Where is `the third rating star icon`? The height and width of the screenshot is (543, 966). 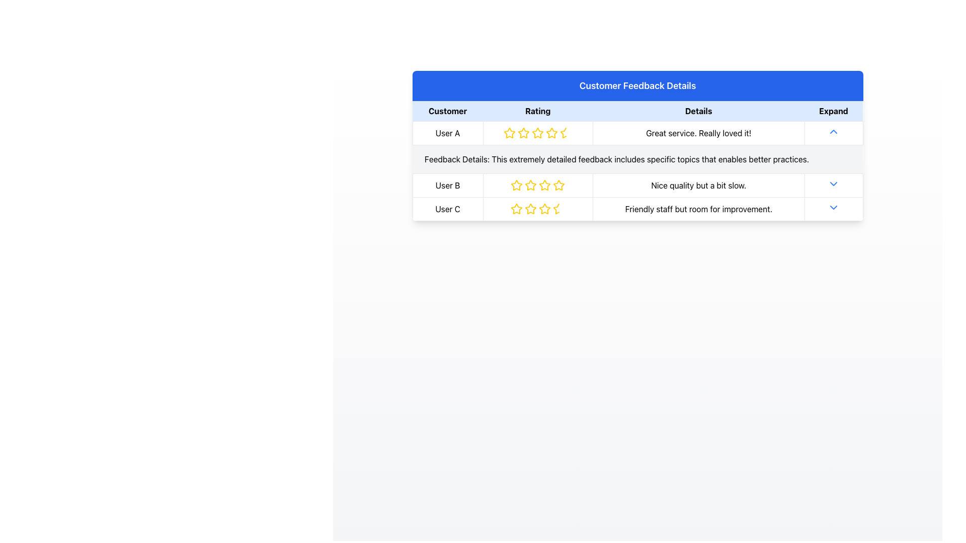 the third rating star icon is located at coordinates (537, 133).